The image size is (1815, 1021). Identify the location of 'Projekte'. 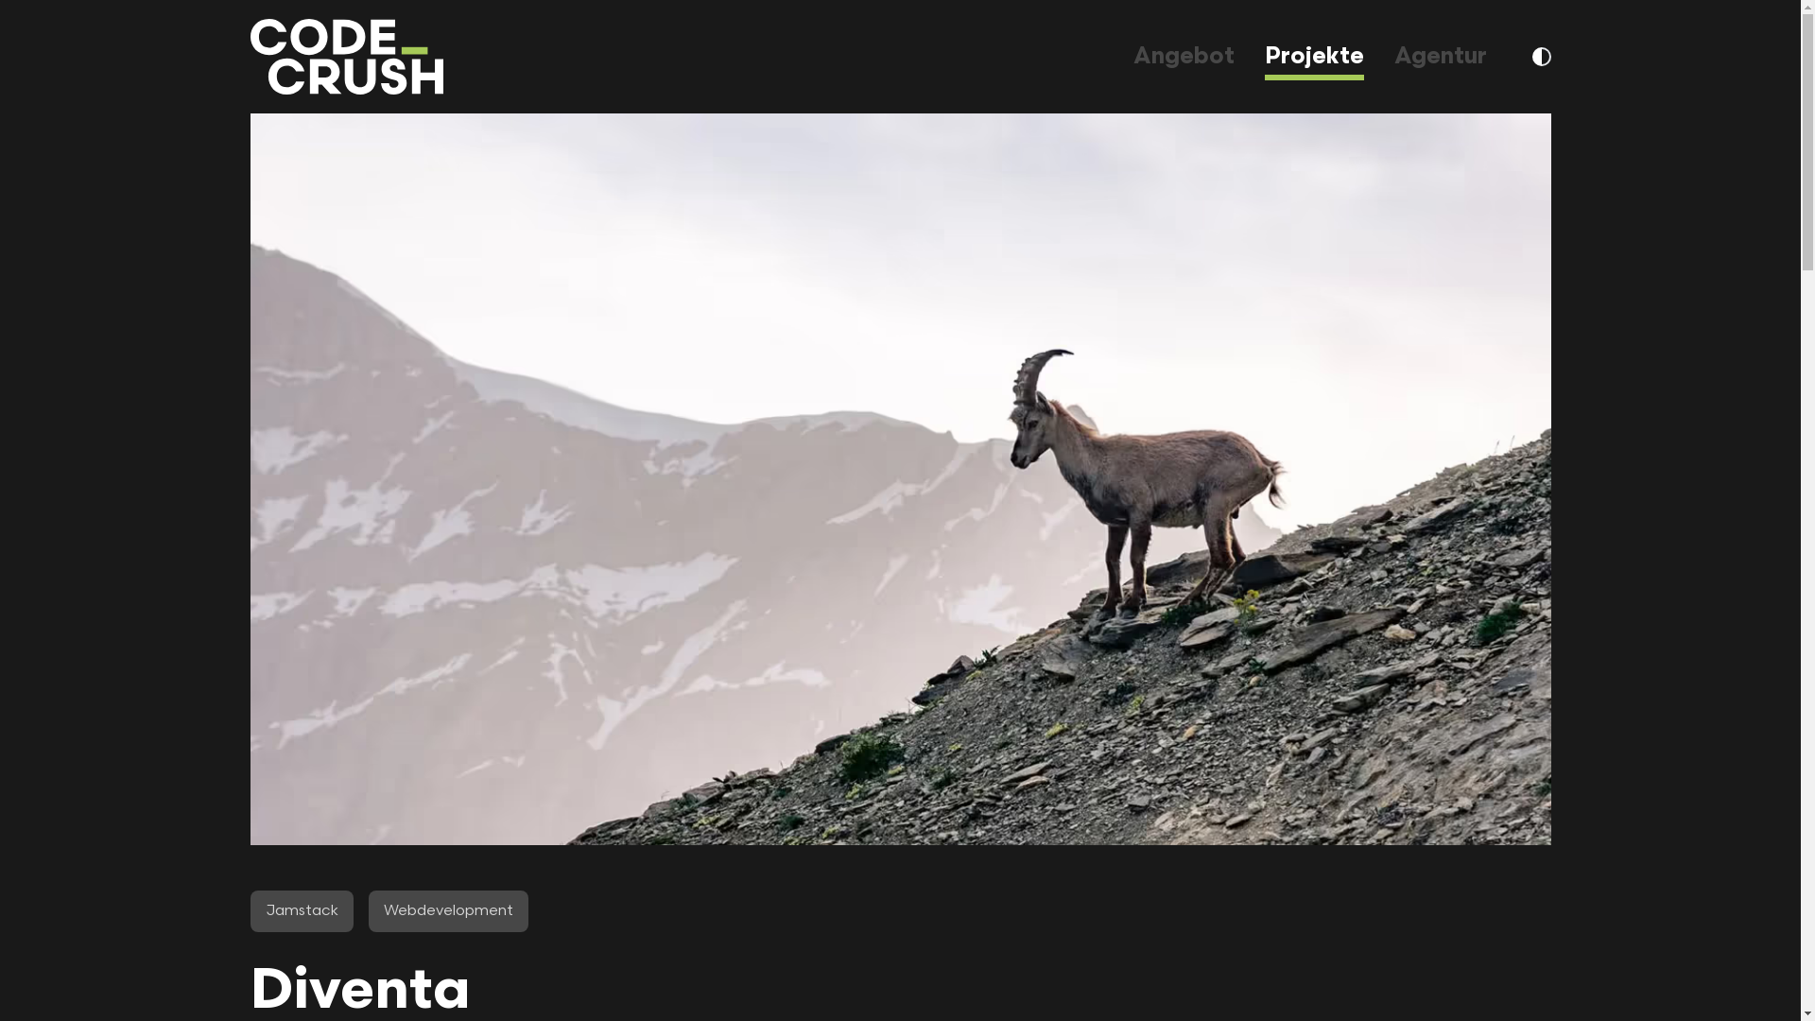
(1313, 55).